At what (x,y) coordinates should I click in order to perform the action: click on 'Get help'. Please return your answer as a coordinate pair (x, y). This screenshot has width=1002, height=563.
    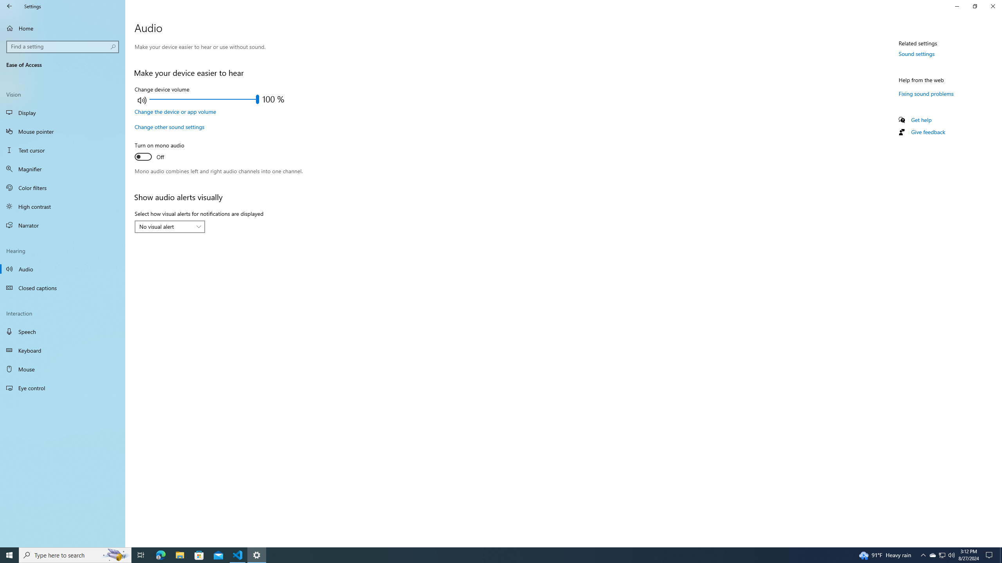
    Looking at the image, I should click on (921, 120).